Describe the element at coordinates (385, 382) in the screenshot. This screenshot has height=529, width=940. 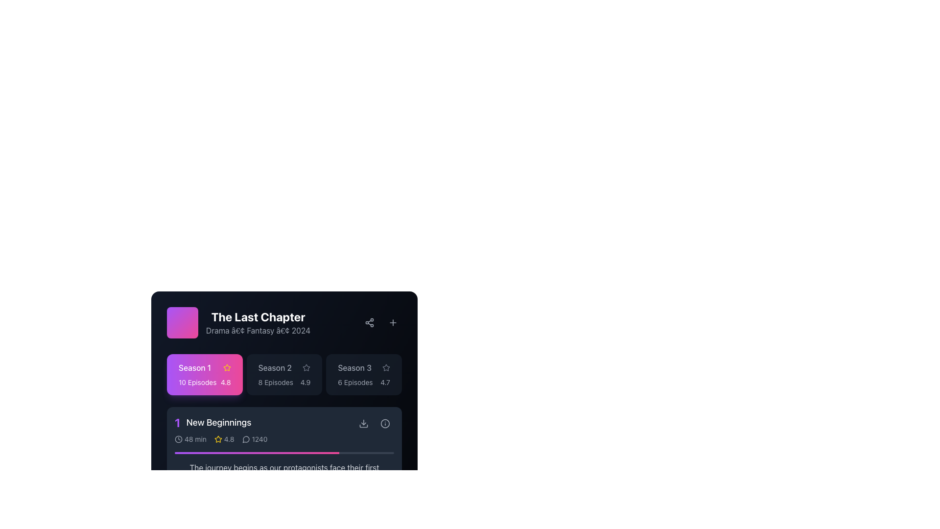
I see `the viewer rating indicator for 'Season 3', which is located in the top-right segment of the 'Season 3' section box, next to the star icon and underneath the 'Season 3' title` at that location.